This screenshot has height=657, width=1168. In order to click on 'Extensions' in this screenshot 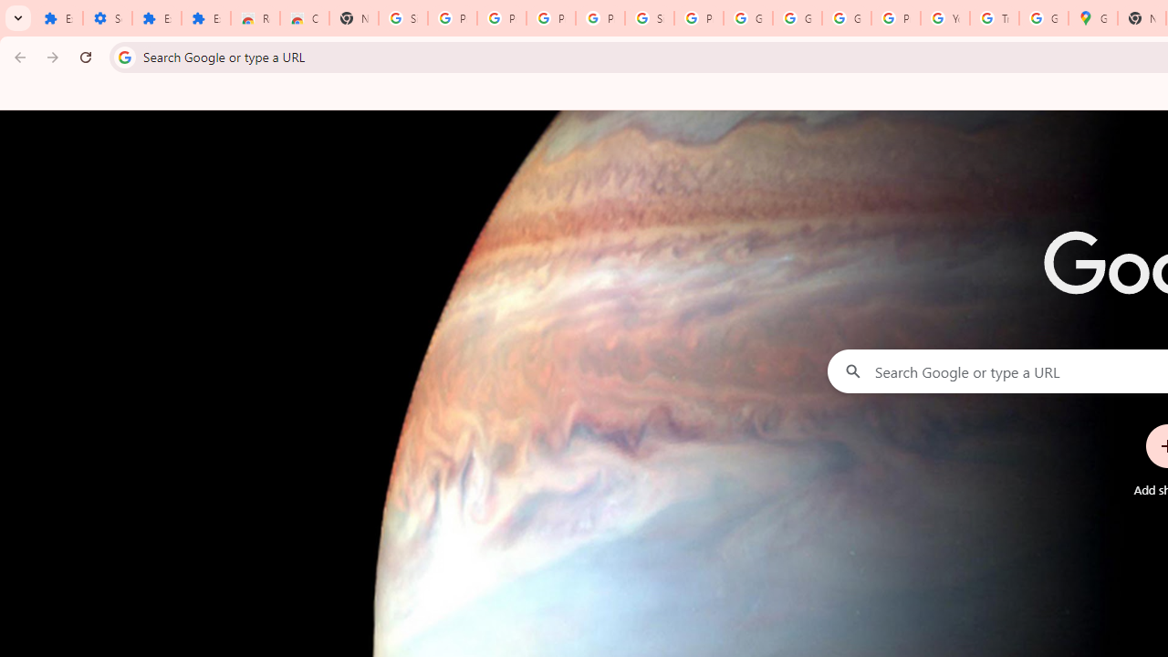, I will do `click(156, 18)`.